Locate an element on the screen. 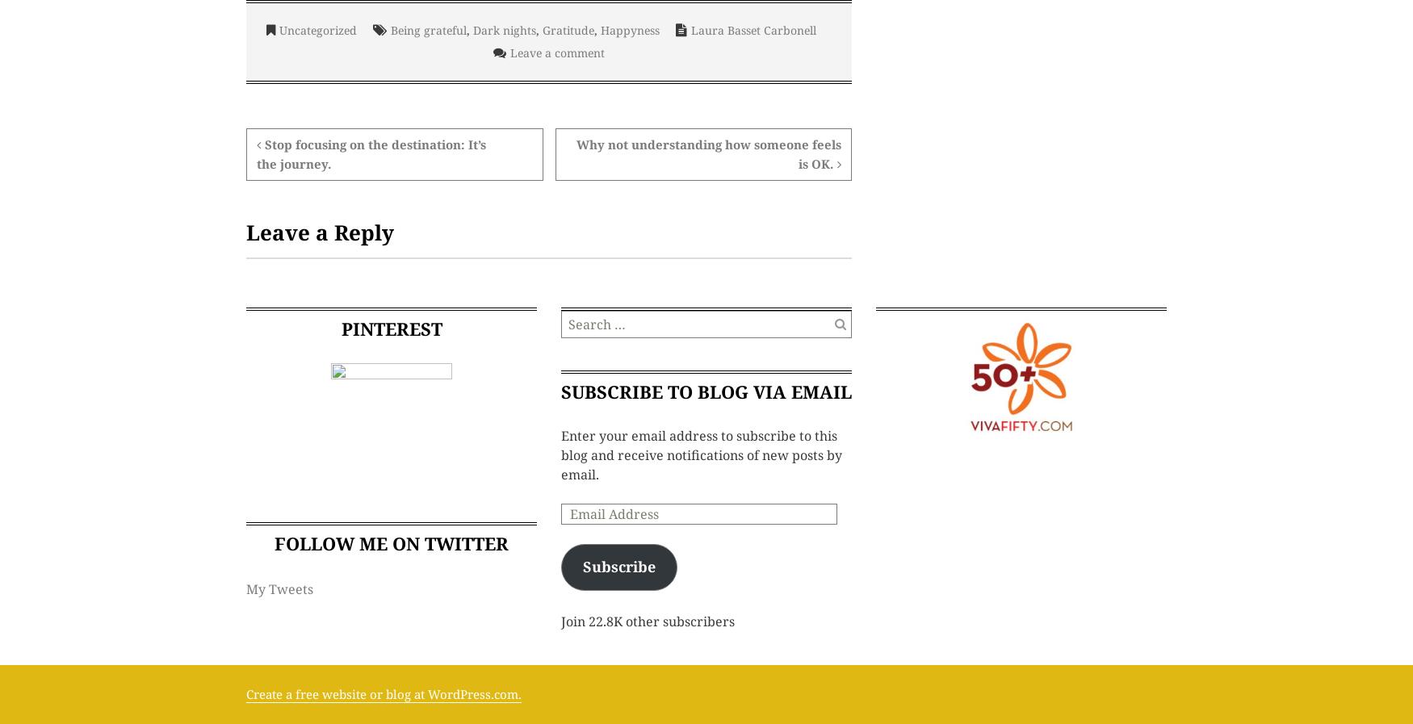 This screenshot has height=724, width=1413. 'Happyness' is located at coordinates (628, 29).